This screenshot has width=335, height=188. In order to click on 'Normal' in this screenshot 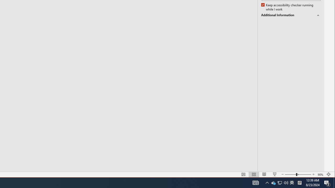, I will do `click(243, 174)`.